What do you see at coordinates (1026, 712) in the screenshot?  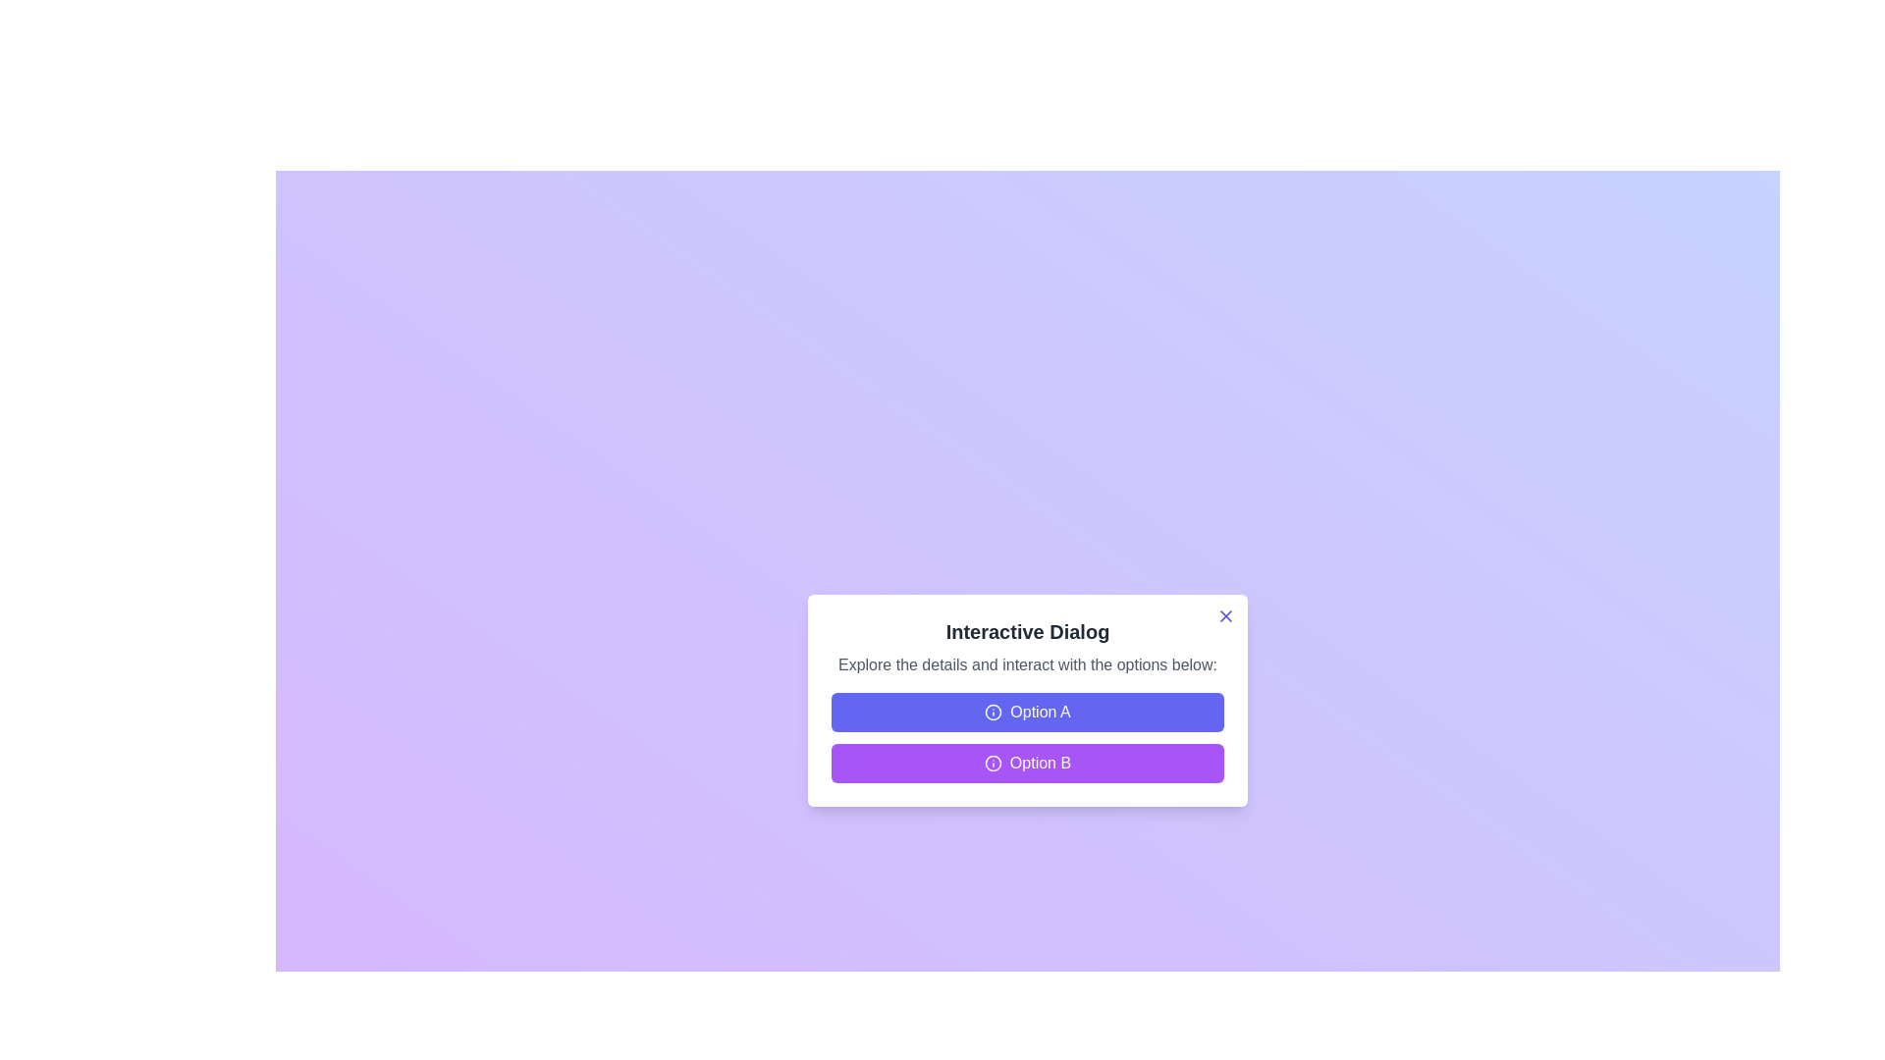 I see `the Option A button to interact with it` at bounding box center [1026, 712].